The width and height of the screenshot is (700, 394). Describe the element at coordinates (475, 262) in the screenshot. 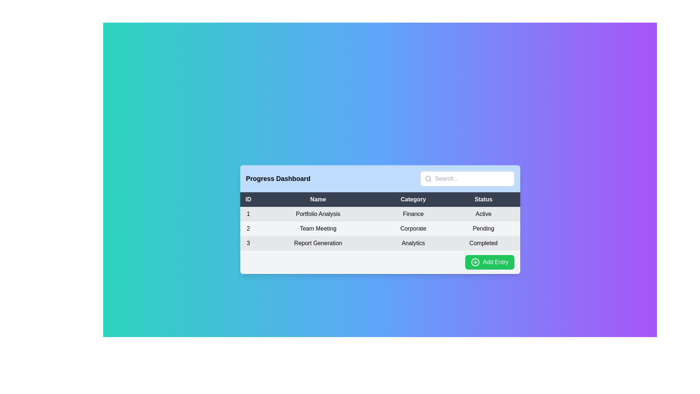

I see `the circular icon with a white border and green background containing a cross symbol (+)` at that location.